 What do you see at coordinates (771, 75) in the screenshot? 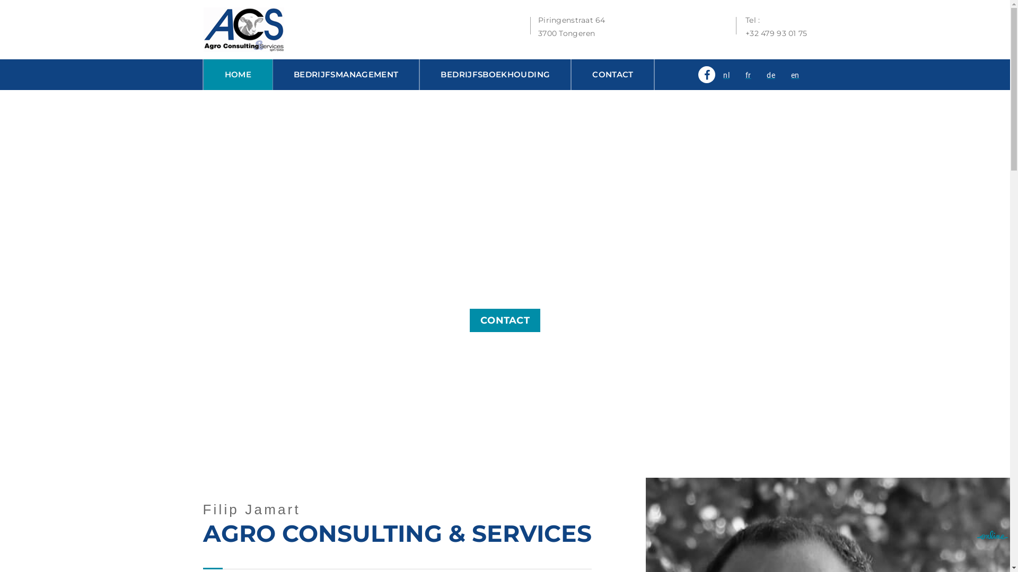
I see `'de'` at bounding box center [771, 75].